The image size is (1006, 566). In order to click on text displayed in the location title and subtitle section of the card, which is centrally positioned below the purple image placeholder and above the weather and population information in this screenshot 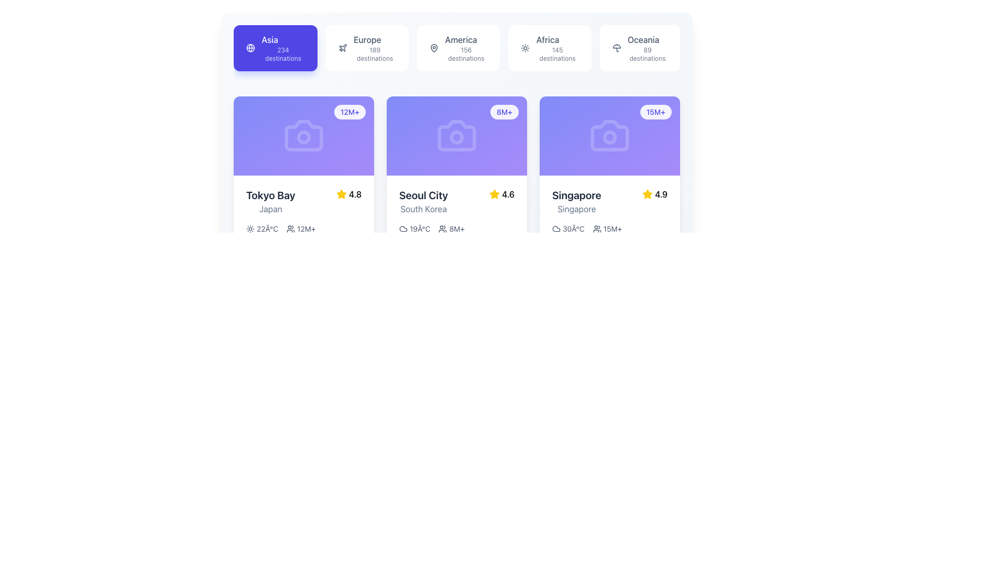, I will do `click(576, 201)`.